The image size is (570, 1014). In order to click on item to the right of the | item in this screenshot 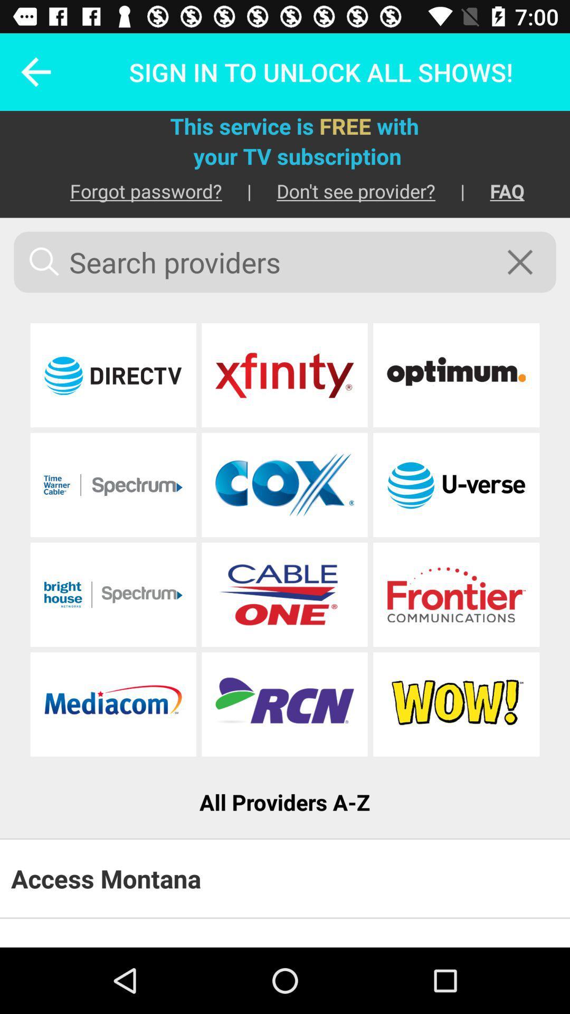, I will do `click(495, 191)`.